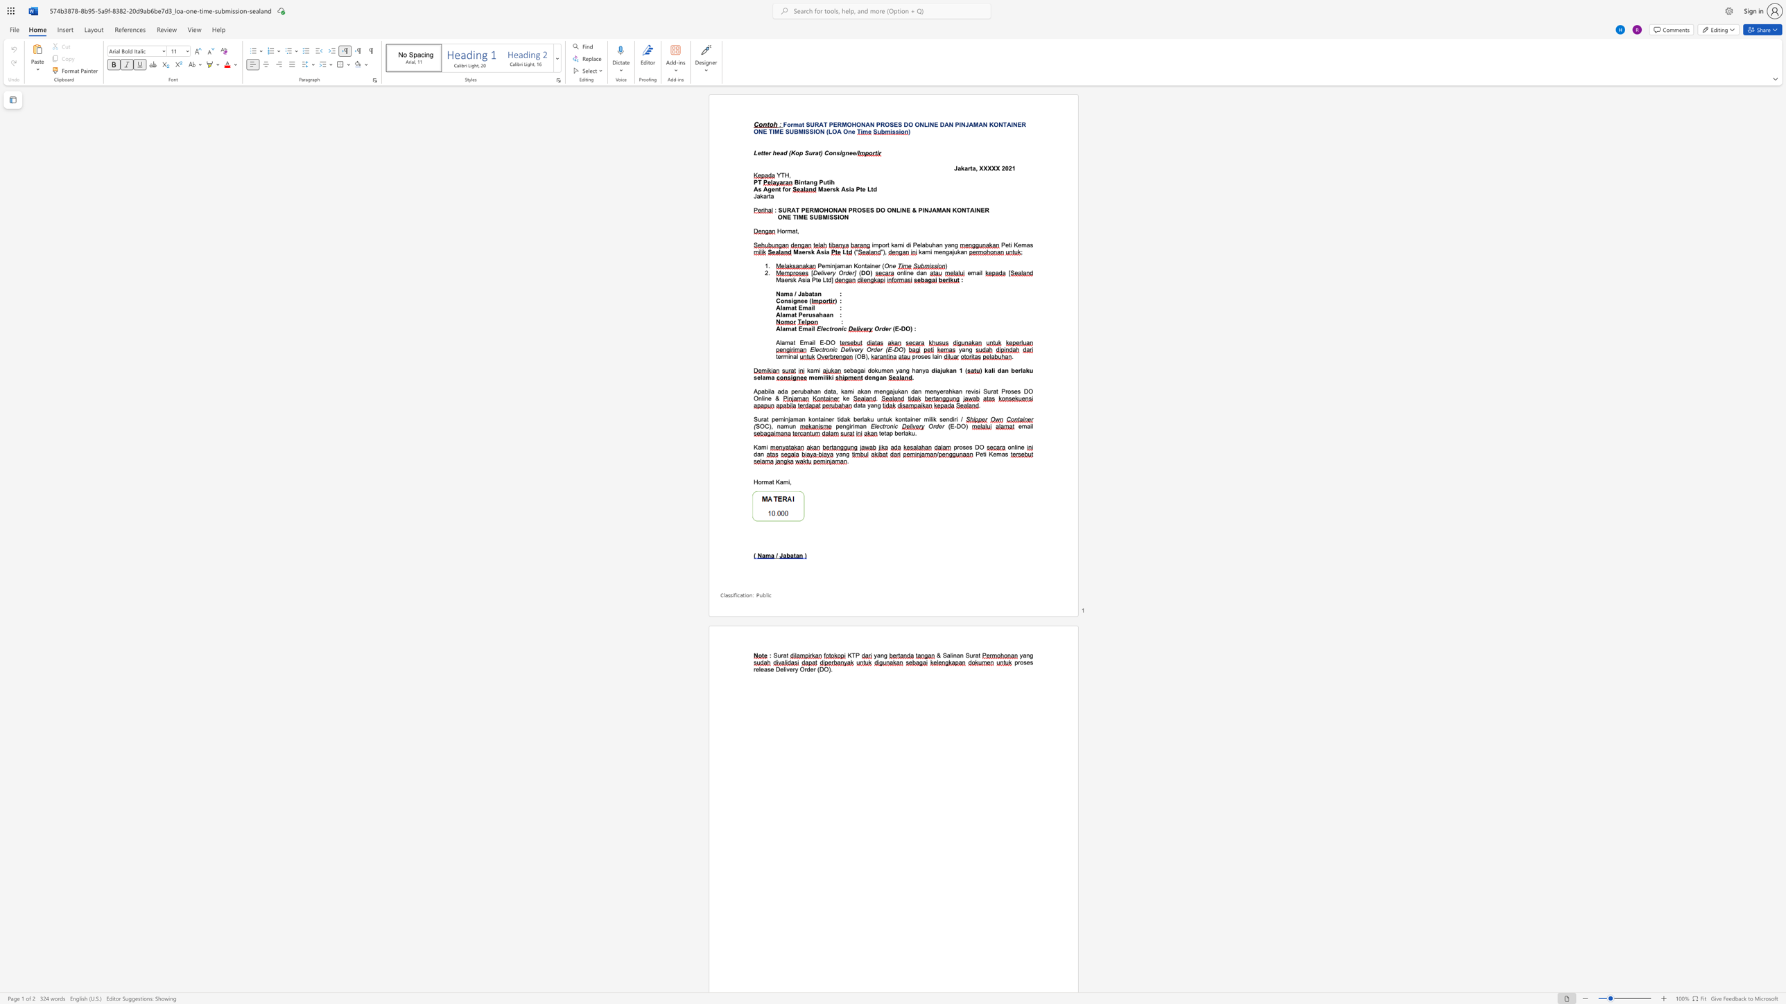 This screenshot has width=1786, height=1004. I want to click on the subset text "mina" within the text "terminal", so click(783, 355).